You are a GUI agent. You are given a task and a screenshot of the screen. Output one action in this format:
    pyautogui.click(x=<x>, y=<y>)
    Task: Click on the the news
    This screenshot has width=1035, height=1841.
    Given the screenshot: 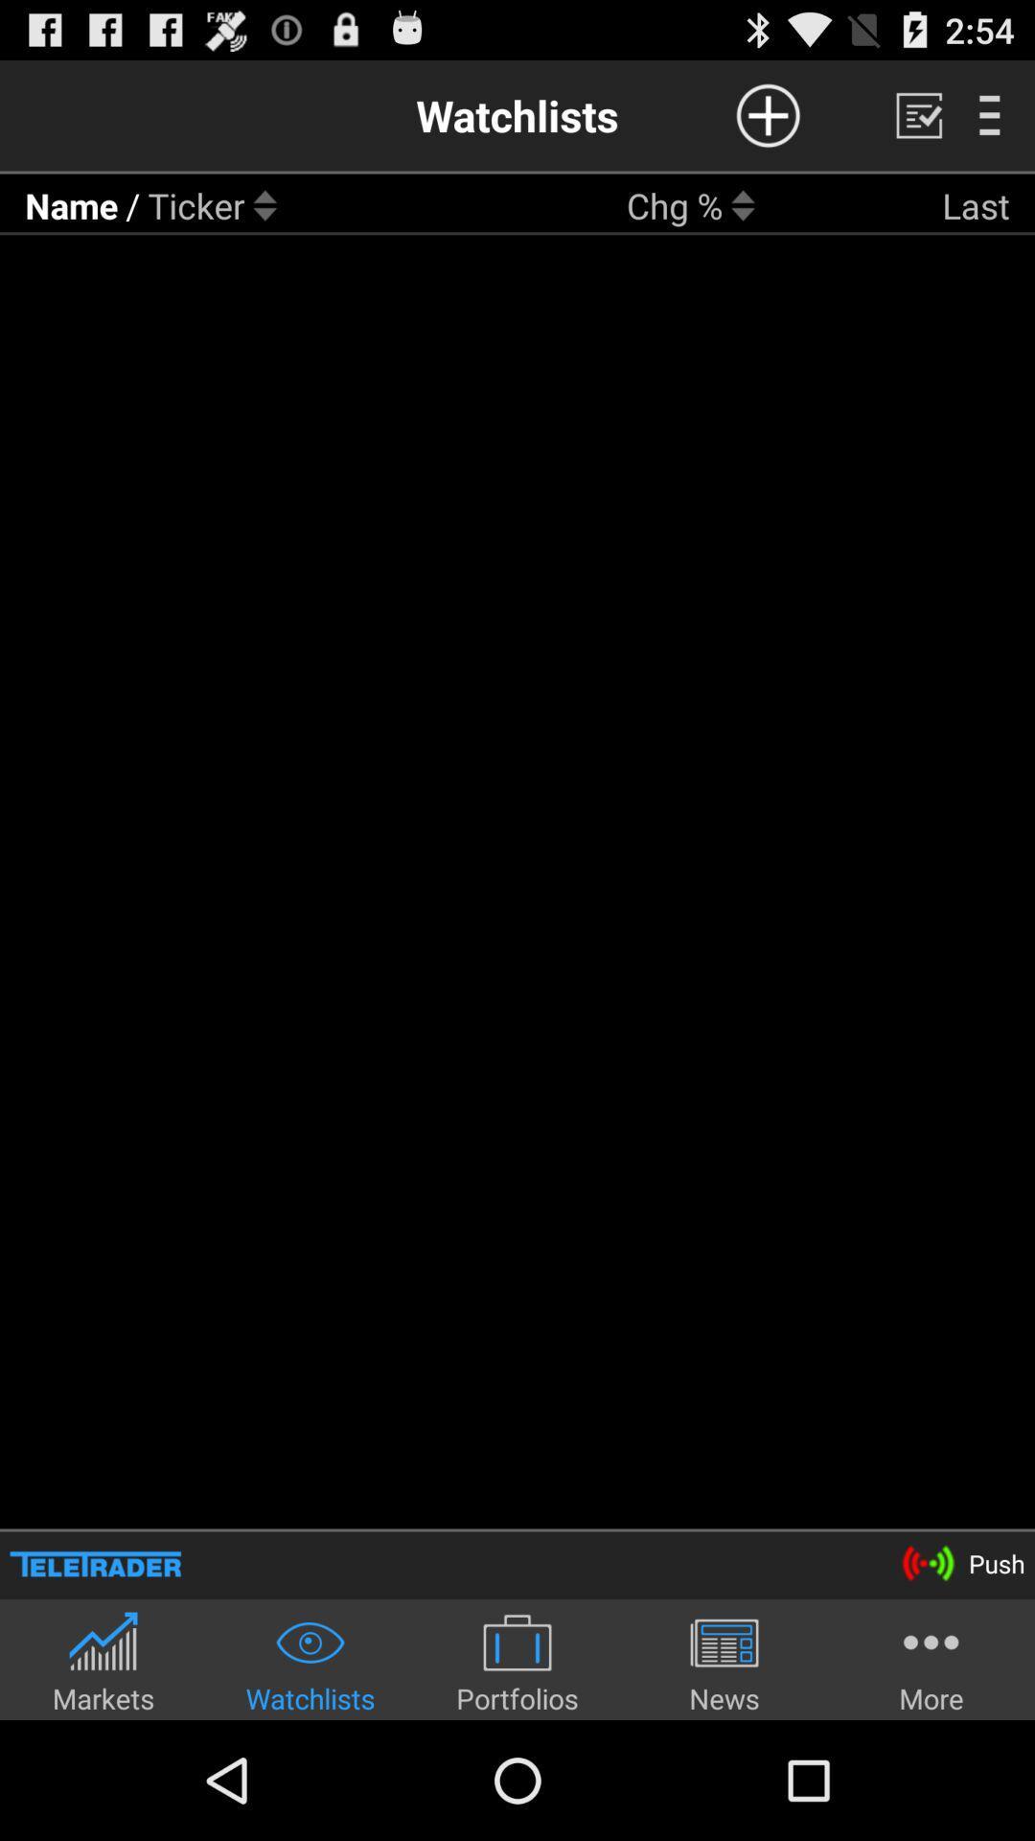 What is the action you would take?
    pyautogui.click(x=724, y=1661)
    